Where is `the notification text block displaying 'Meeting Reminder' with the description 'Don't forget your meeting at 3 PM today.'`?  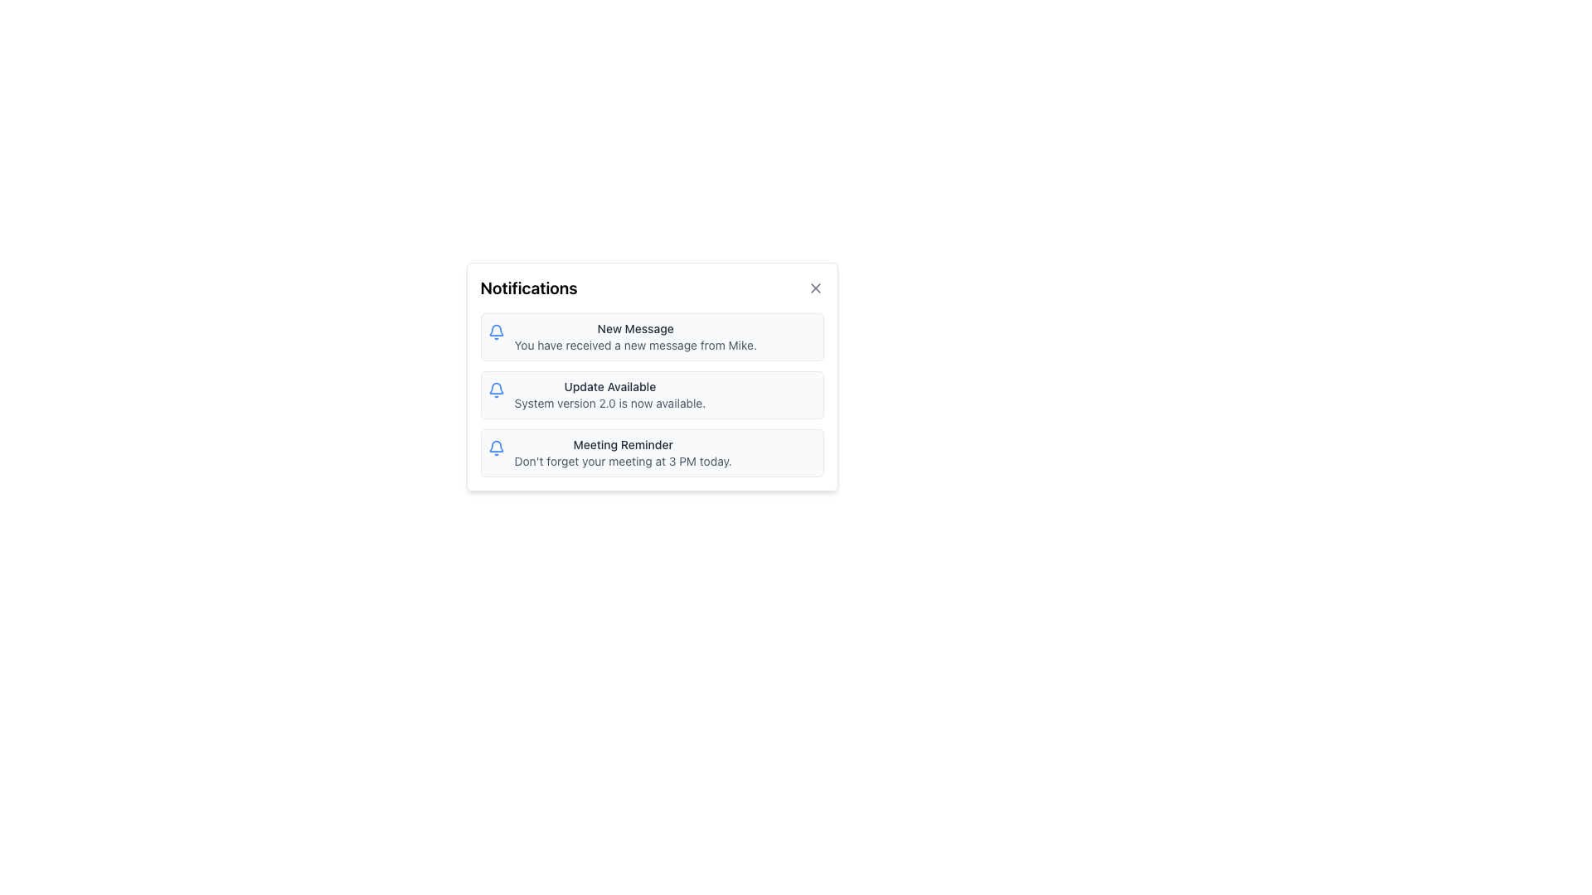
the notification text block displaying 'Meeting Reminder' with the description 'Don't forget your meeting at 3 PM today.' is located at coordinates (622, 453).